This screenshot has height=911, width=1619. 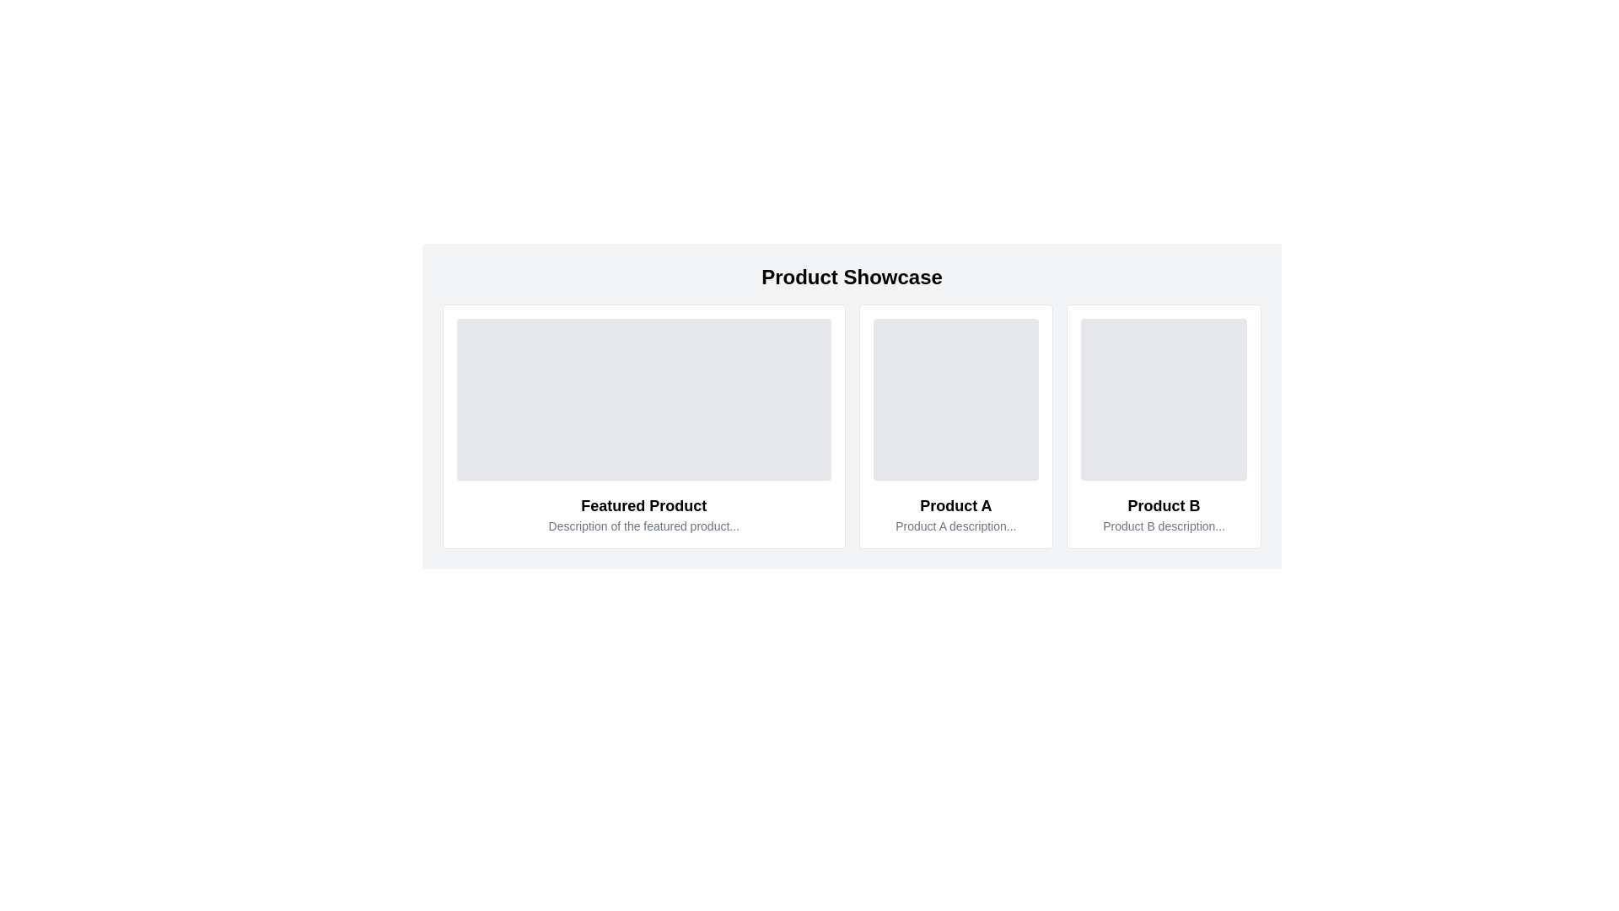 What do you see at coordinates (955, 505) in the screenshot?
I see `the text label that serves as a title or header for the product in the middle column of the 'Product Showcase' section, located below the image placeholder and above the descriptive text block` at bounding box center [955, 505].